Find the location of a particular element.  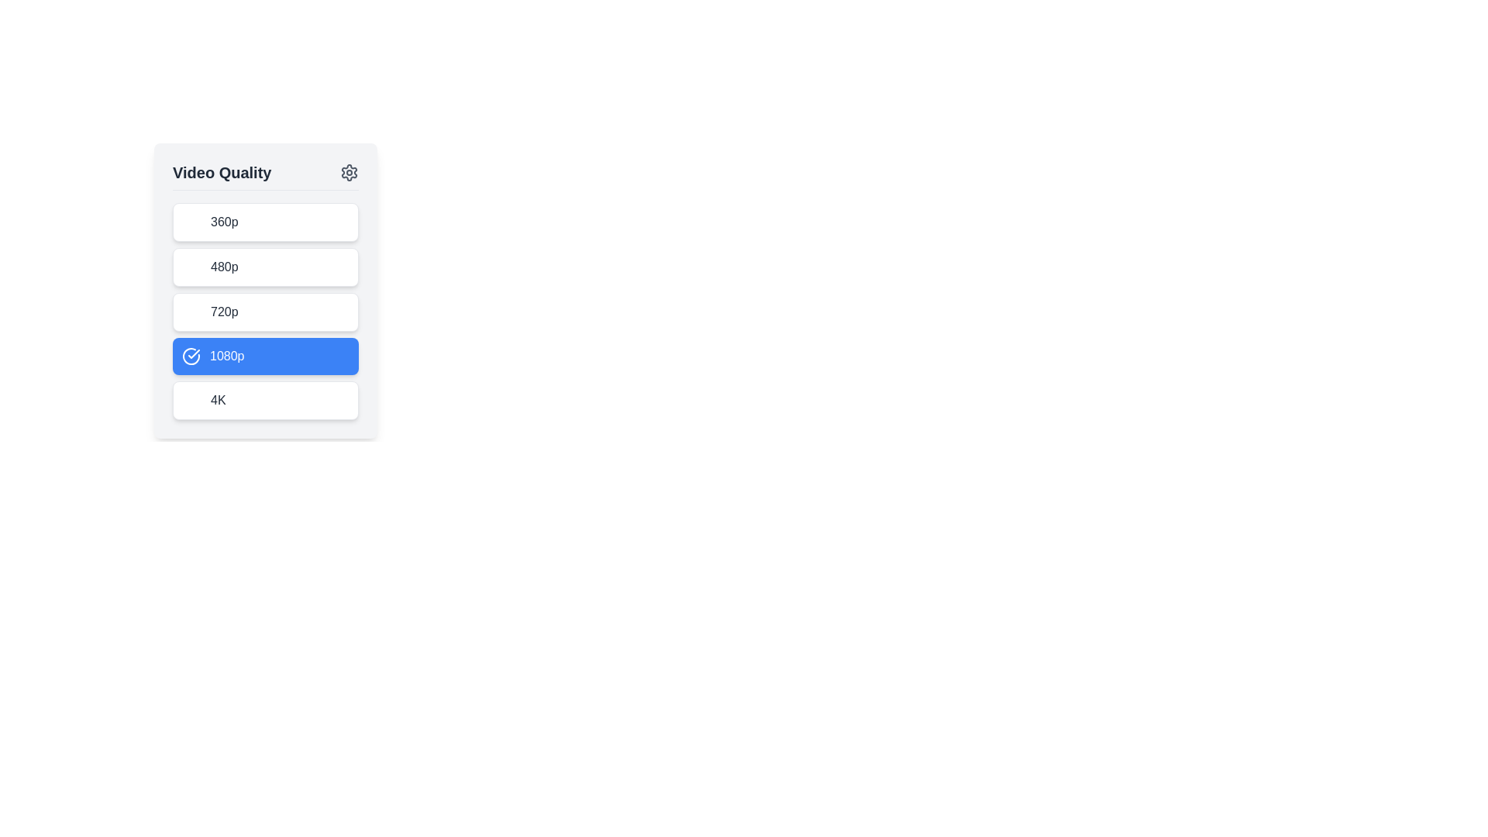

the '1080p' video quality selection button located in the 'Video Quality' settings section is located at coordinates (265, 356).